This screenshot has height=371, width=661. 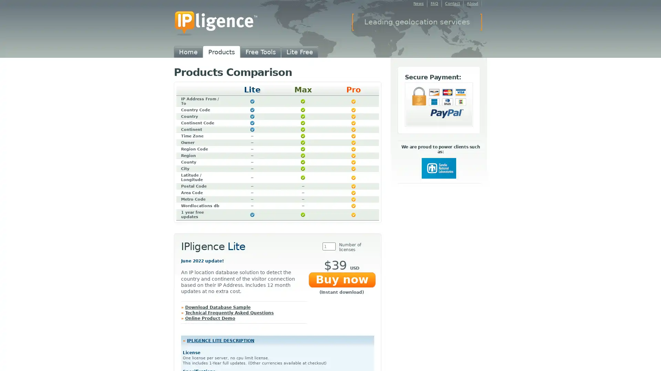 I want to click on Buy now, so click(x=342, y=280).